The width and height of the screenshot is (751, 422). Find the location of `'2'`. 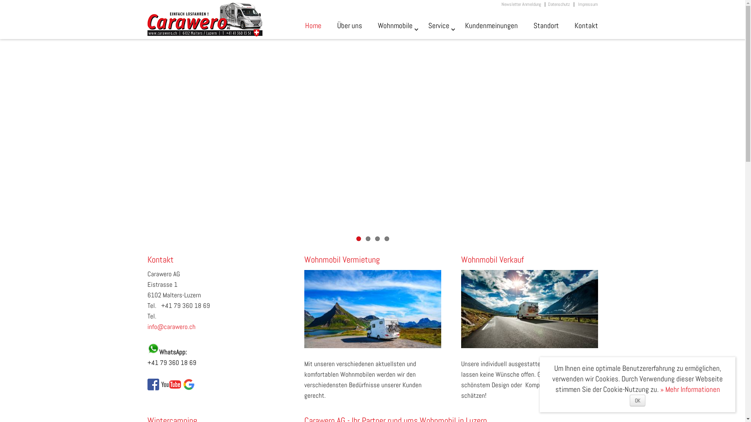

'2' is located at coordinates (365, 238).